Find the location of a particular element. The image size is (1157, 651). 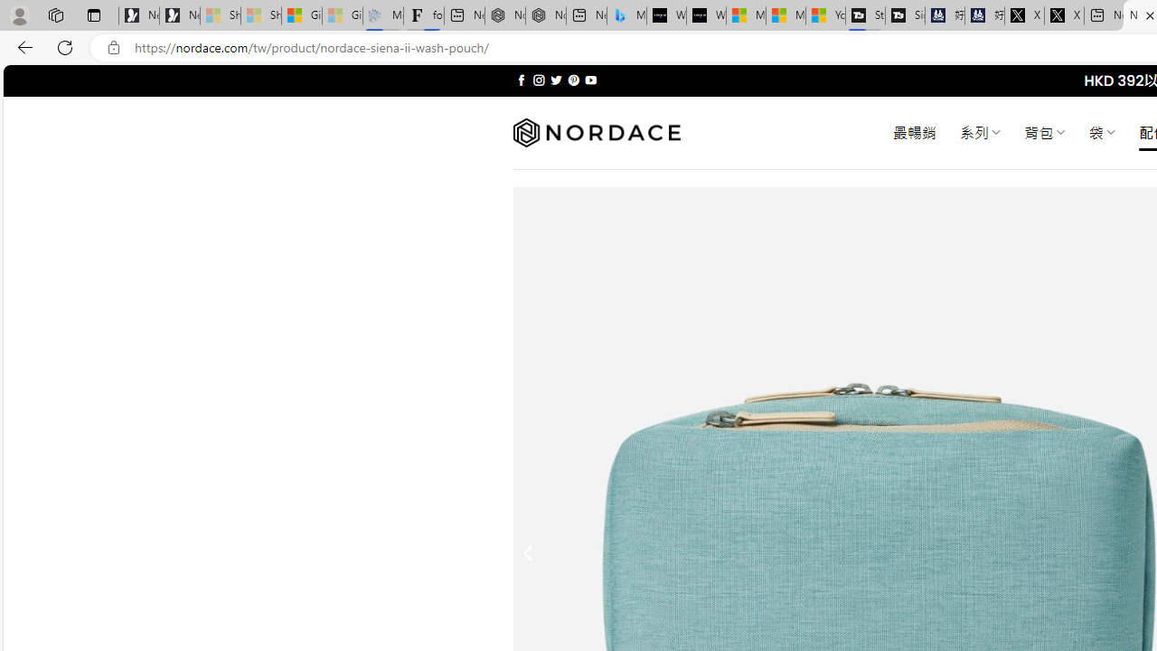

'Follow on YouTube' is located at coordinates (590, 80).